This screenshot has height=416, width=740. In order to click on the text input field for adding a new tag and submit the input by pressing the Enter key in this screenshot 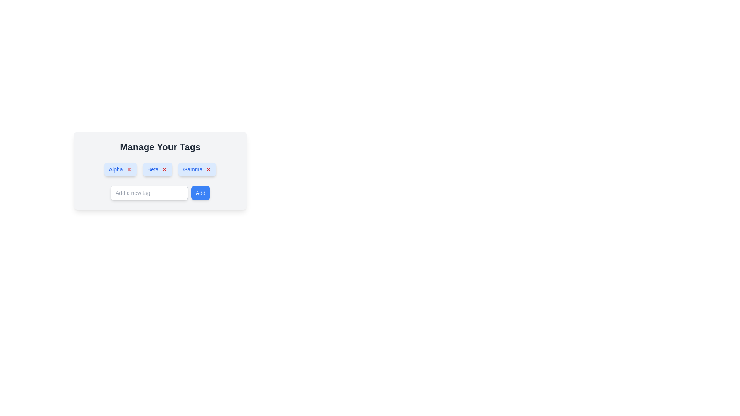, I will do `click(160, 193)`.